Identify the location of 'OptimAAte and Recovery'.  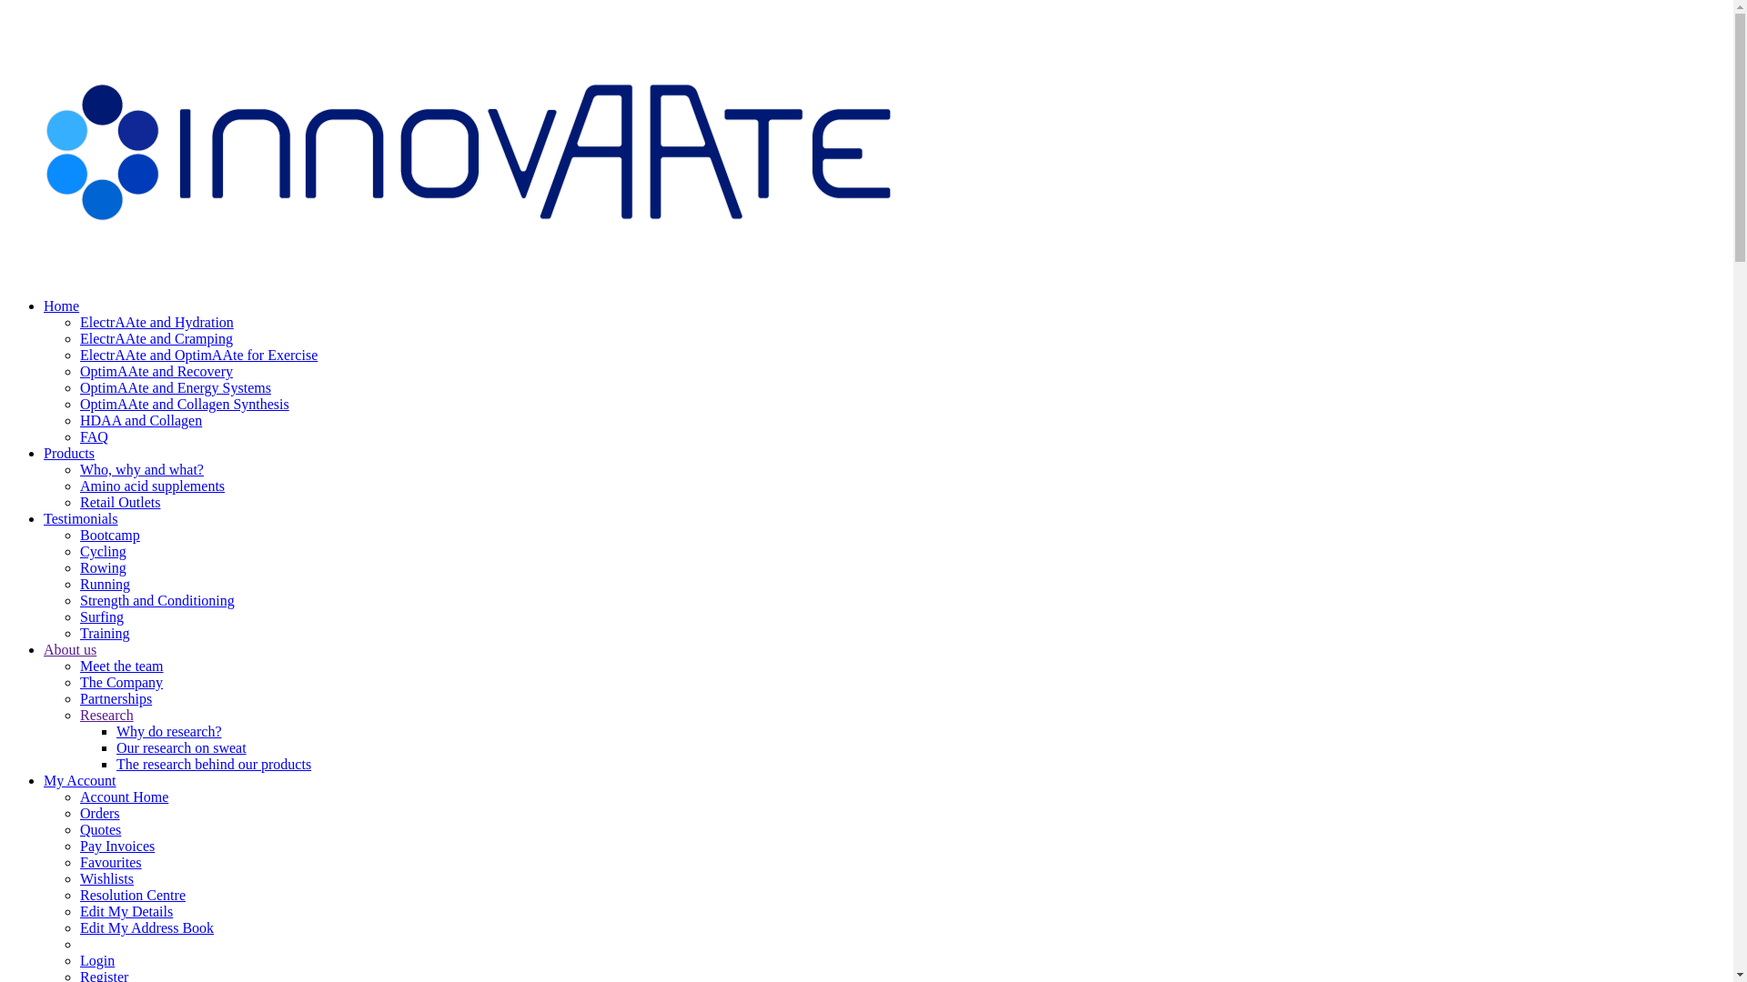
(78, 370).